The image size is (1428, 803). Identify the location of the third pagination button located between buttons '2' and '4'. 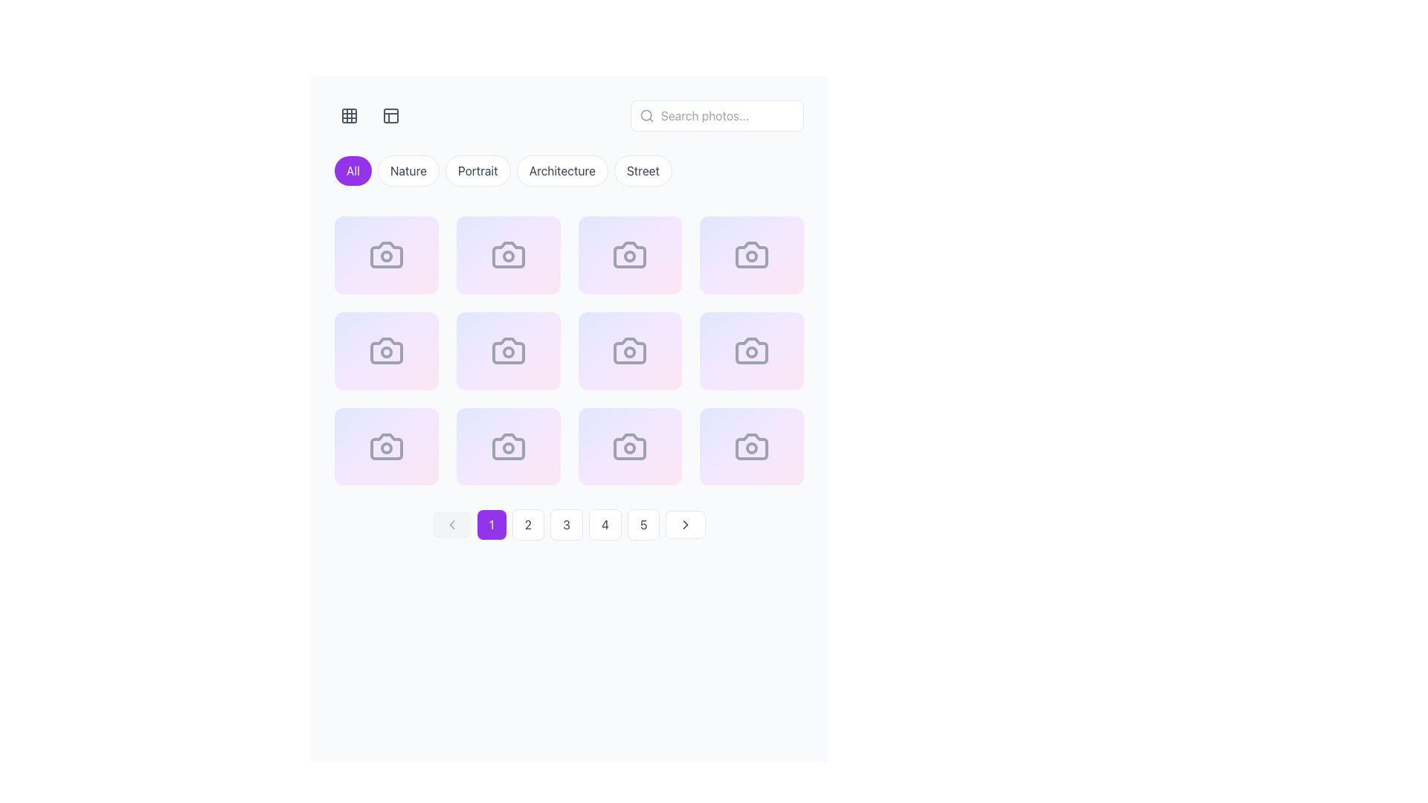
(568, 524).